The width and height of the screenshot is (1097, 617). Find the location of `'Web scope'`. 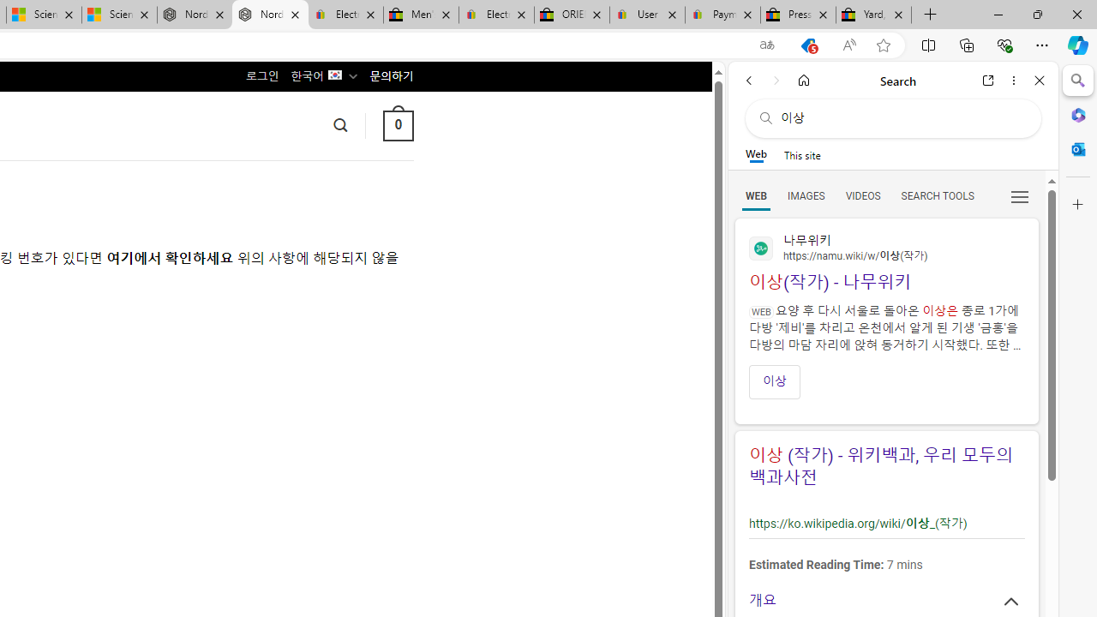

'Web scope' is located at coordinates (755, 154).